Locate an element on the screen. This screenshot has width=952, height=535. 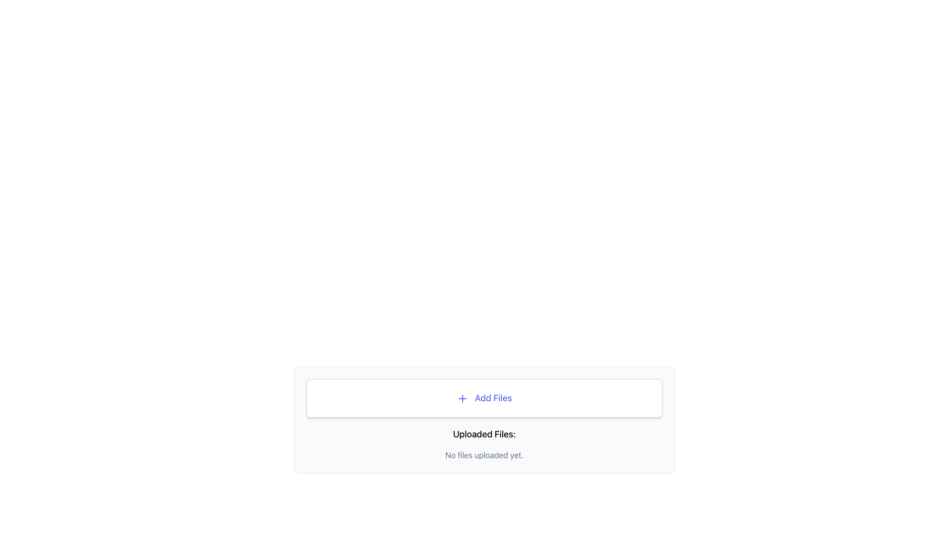
the 'Add Files' button which features an SVG-based graphic icon representing the action 'Add'. The icon is located to the left of the text, indicating its purpose to initiate adding files is located at coordinates (462, 398).